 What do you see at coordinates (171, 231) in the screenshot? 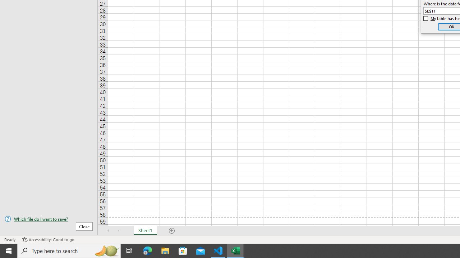
I see `'Add Sheet'` at bounding box center [171, 231].